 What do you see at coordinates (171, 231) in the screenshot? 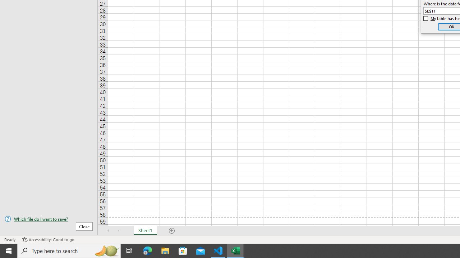
I see `'Add Sheet'` at bounding box center [171, 231].